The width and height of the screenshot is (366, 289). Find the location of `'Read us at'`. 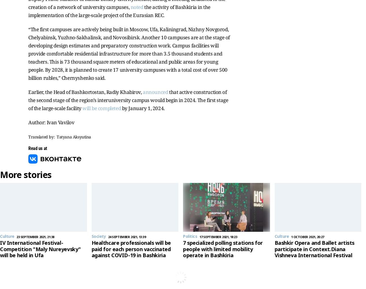

'Read us at' is located at coordinates (28, 148).